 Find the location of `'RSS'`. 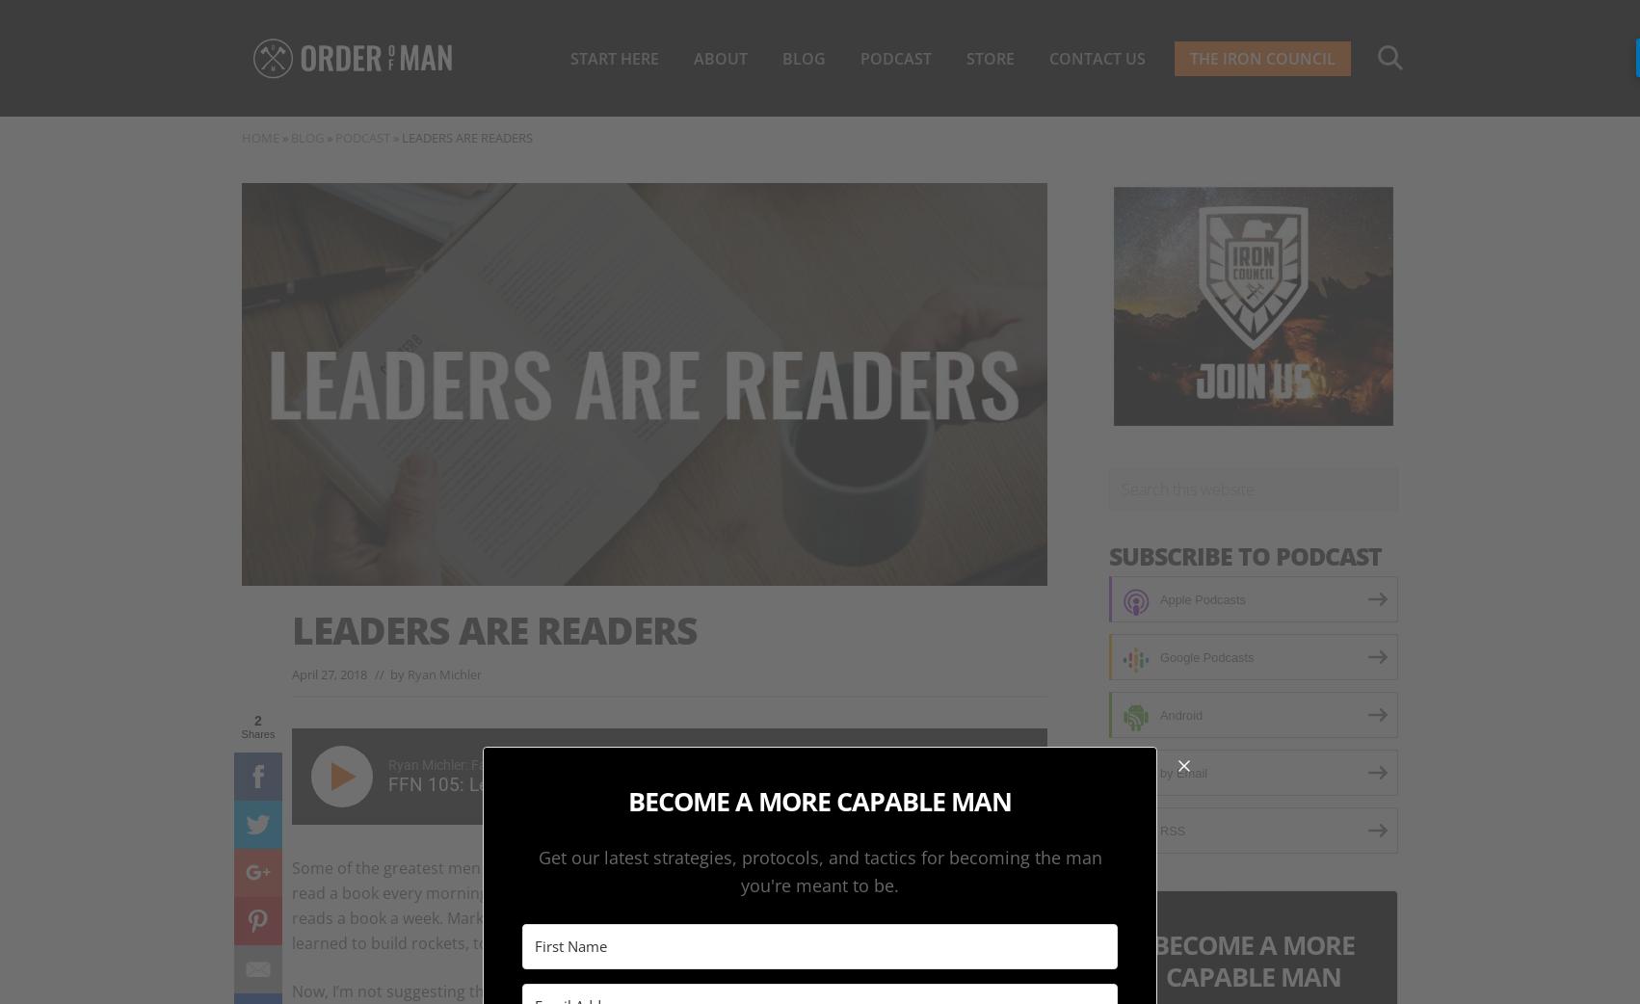

'RSS' is located at coordinates (1172, 830).